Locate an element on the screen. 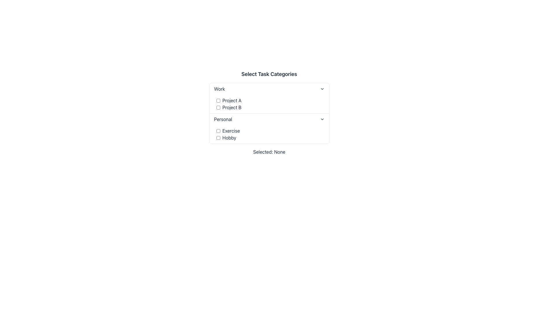 This screenshot has width=555, height=312. the checkbox located next to the label 'Hobby' in the 'Personal' section is located at coordinates (218, 138).